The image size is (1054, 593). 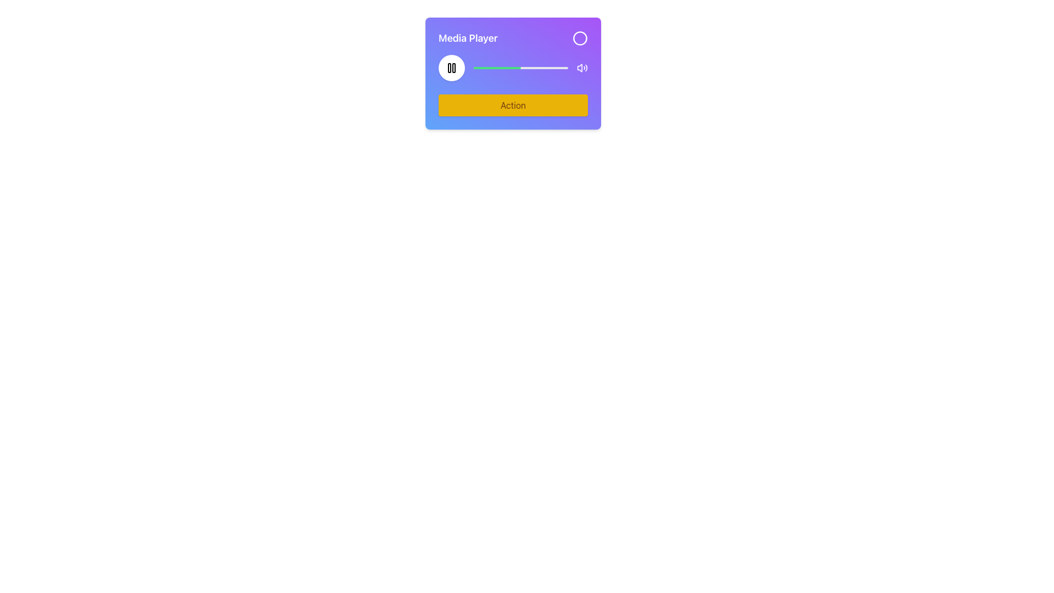 What do you see at coordinates (513, 105) in the screenshot?
I see `the rectangular button labeled 'Action' with a yellow background and dark yellow text to trigger hover effects` at bounding box center [513, 105].